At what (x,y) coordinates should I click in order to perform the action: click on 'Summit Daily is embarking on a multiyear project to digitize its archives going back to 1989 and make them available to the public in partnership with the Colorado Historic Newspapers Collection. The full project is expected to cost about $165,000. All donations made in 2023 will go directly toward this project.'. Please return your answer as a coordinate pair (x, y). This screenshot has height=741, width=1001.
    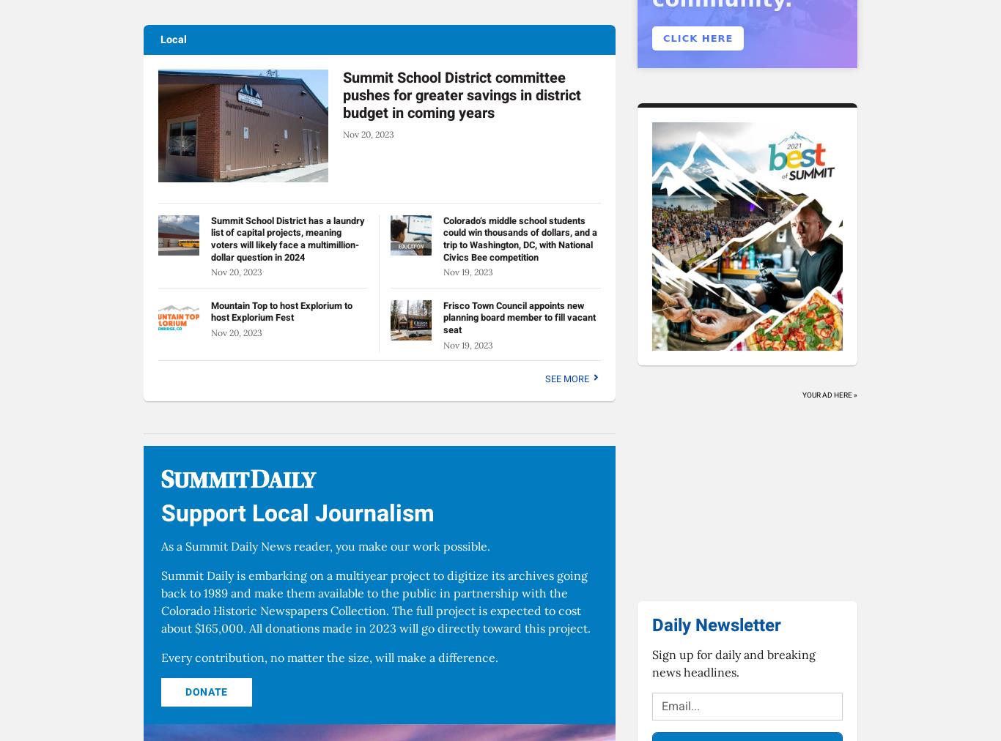
    Looking at the image, I should click on (160, 601).